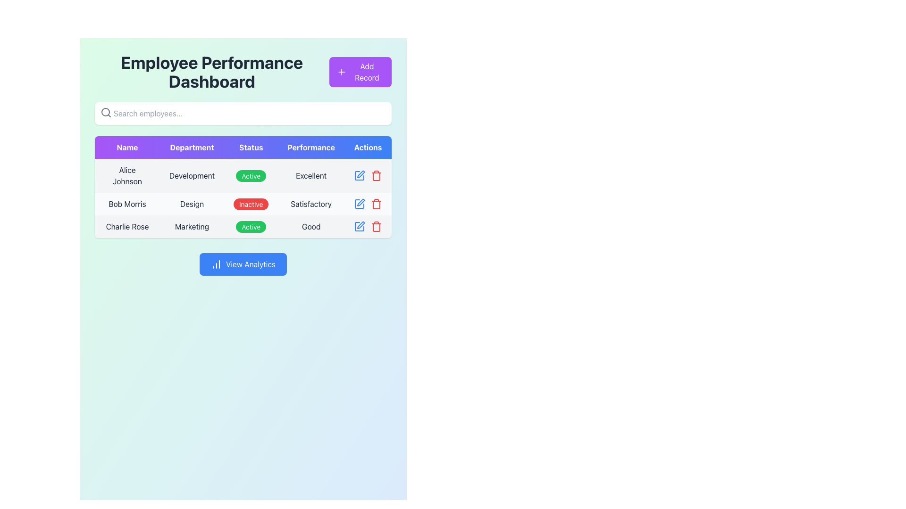 The image size is (906, 509). I want to click on the edit button in the actions column of the row for 'Charlie Rose, Marketing, Active, Good' to get more information, so click(359, 227).